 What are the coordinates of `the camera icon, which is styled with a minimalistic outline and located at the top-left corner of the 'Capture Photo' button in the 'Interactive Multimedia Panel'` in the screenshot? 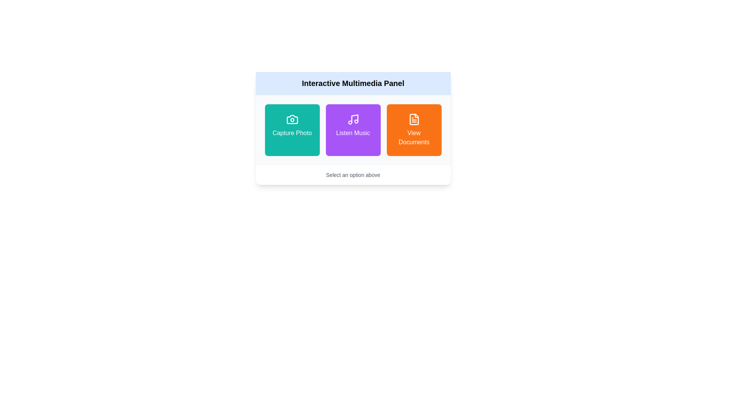 It's located at (292, 119).